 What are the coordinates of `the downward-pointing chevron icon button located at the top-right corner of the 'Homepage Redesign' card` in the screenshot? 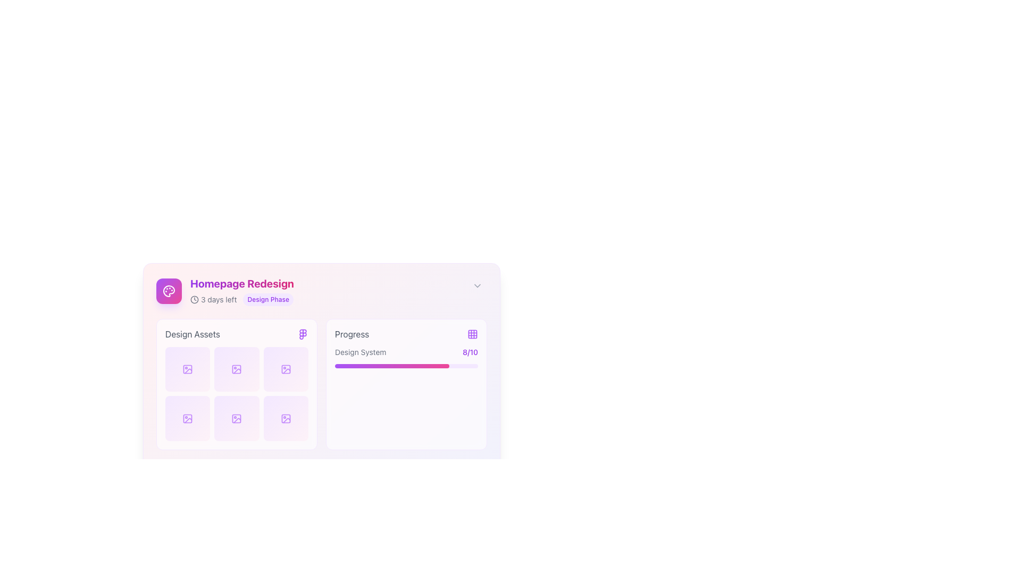 It's located at (476, 285).